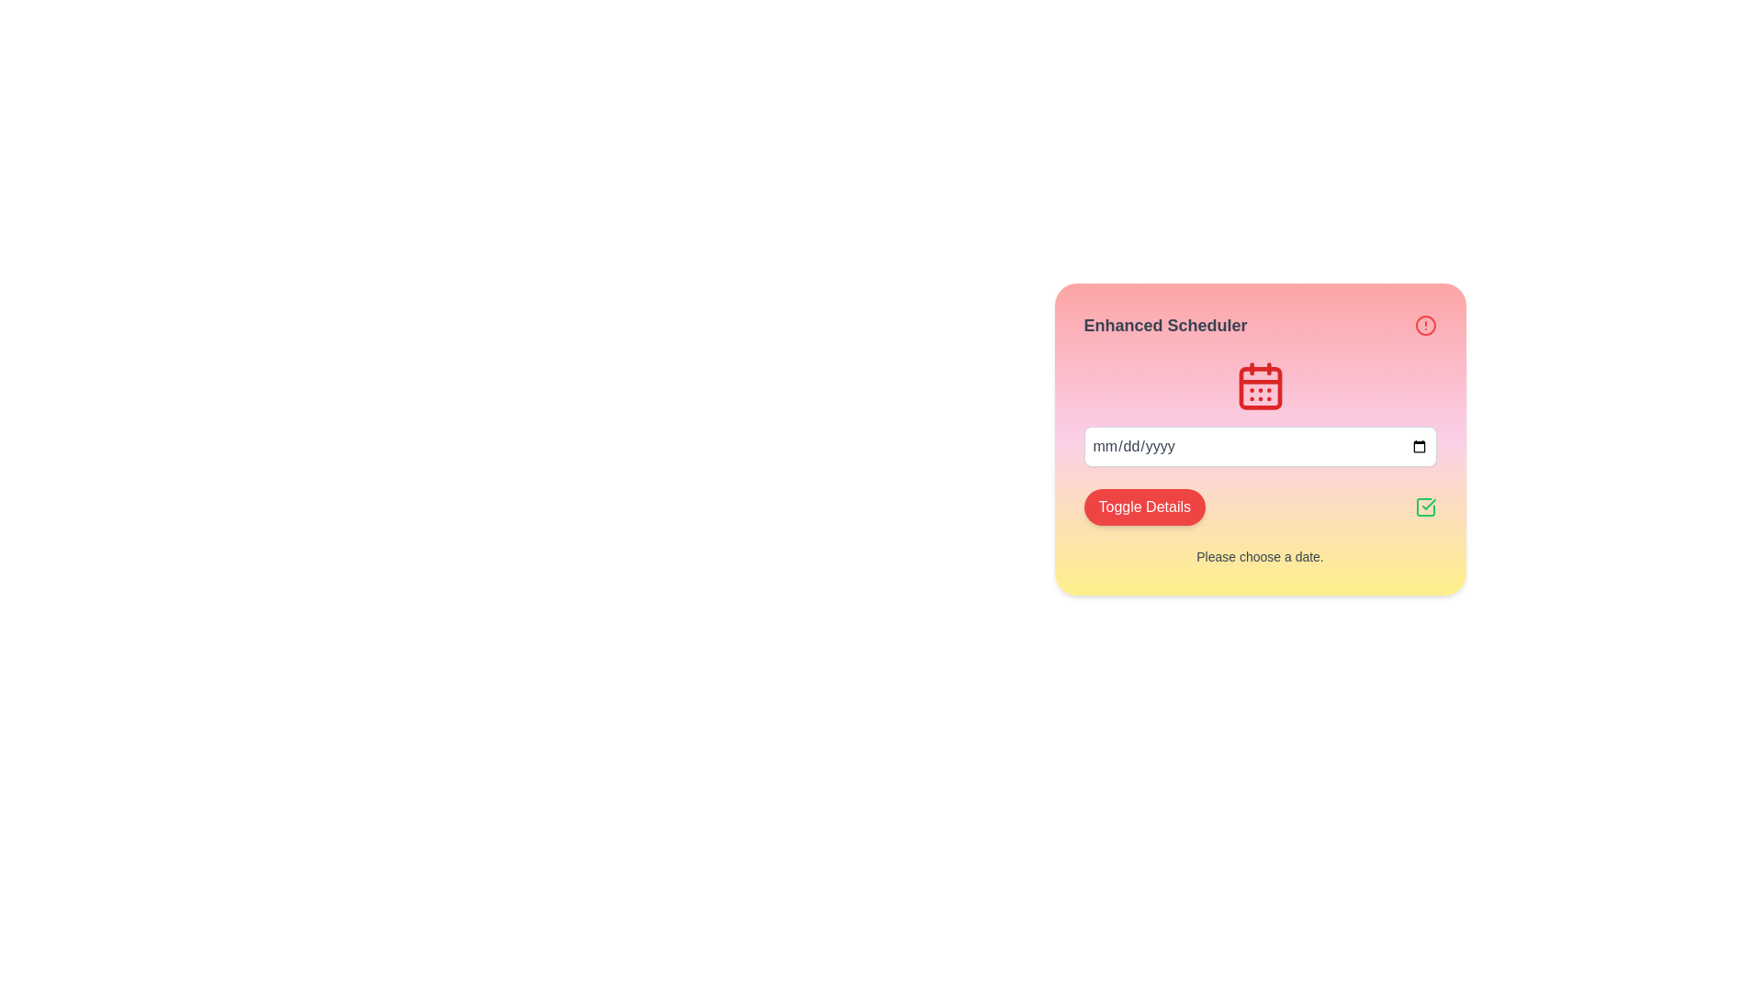 The image size is (1763, 991). I want to click on the 'Toggle Details' button located near the bottom right side of the application to trigger interactive feedback, so click(1259, 507).